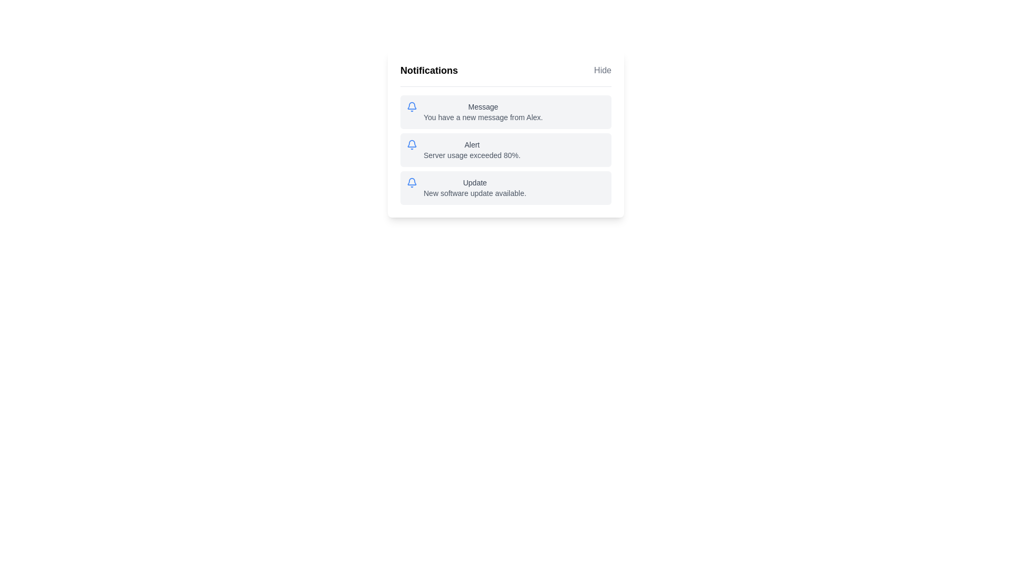 This screenshot has width=1013, height=569. I want to click on notification message displayed in the second notification block, which contains the alert 'Server usage exceeded 80%.', so click(505, 133).